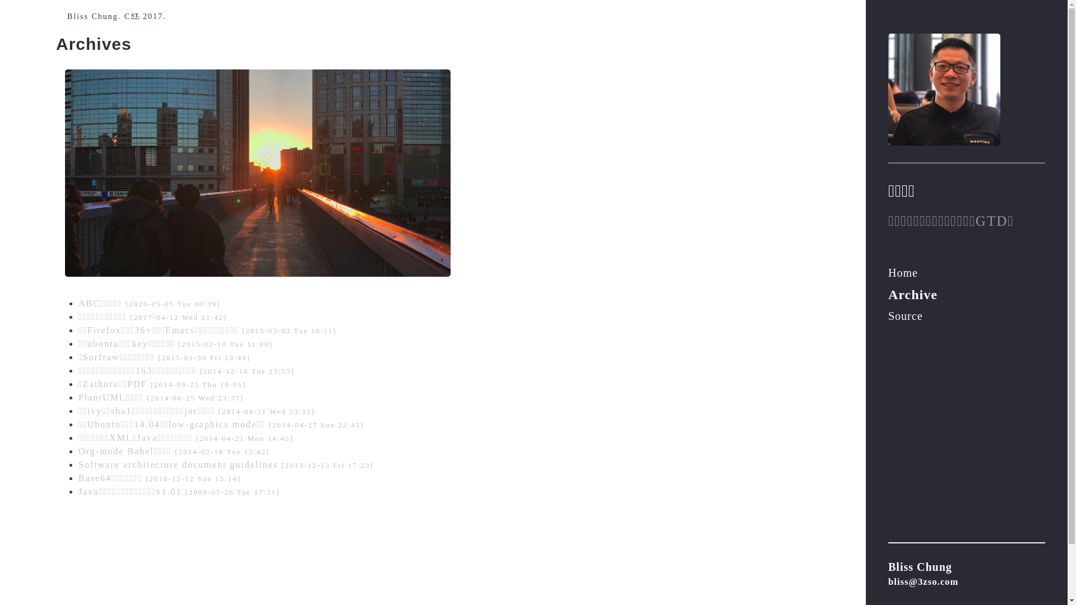  What do you see at coordinates (177, 464) in the screenshot?
I see `'Software architecture document guidelines'` at bounding box center [177, 464].